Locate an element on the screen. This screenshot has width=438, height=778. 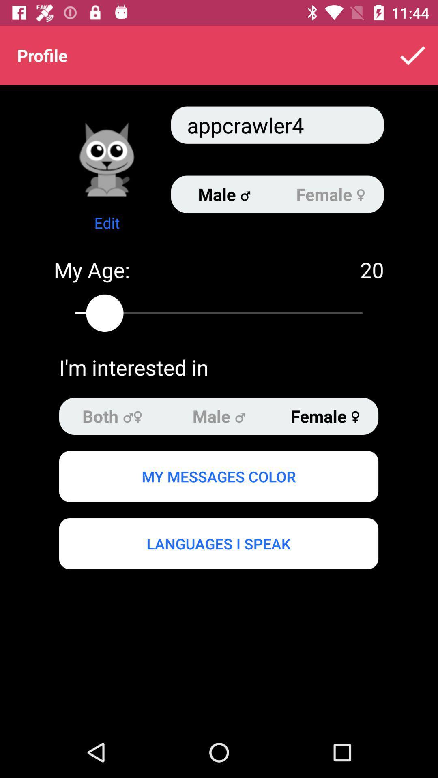
the icon above edit item is located at coordinates (106, 159).